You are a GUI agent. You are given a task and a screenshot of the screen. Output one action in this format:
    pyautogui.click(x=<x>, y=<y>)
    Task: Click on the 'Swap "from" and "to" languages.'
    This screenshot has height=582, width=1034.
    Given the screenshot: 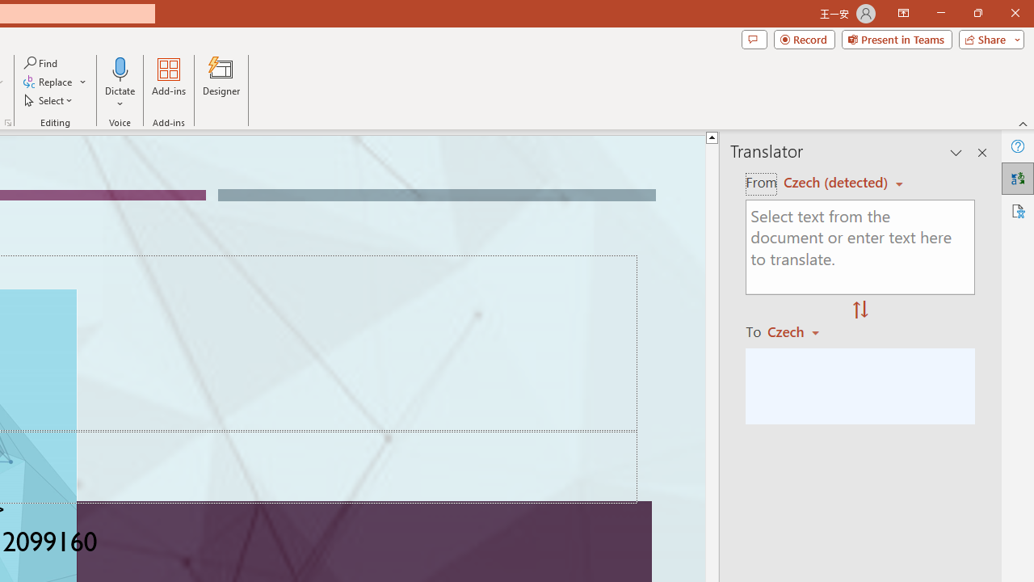 What is the action you would take?
    pyautogui.click(x=860, y=310)
    